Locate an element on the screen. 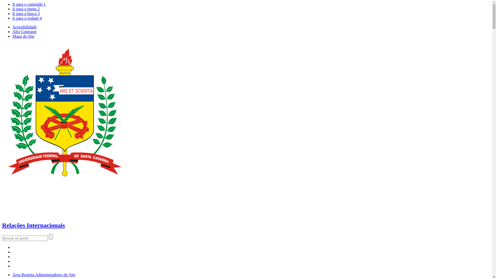 This screenshot has width=496, height=279. 'Administradores do Site' is located at coordinates (35, 274).